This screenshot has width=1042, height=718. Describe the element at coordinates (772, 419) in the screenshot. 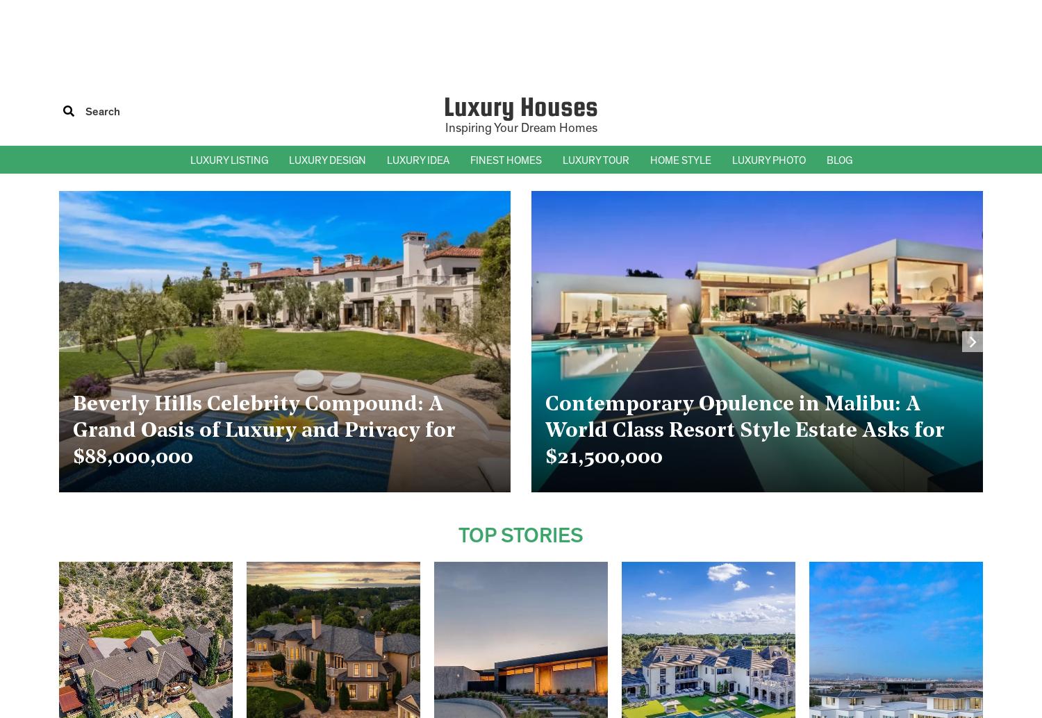

I see `'– Gym Room Photos'` at that location.